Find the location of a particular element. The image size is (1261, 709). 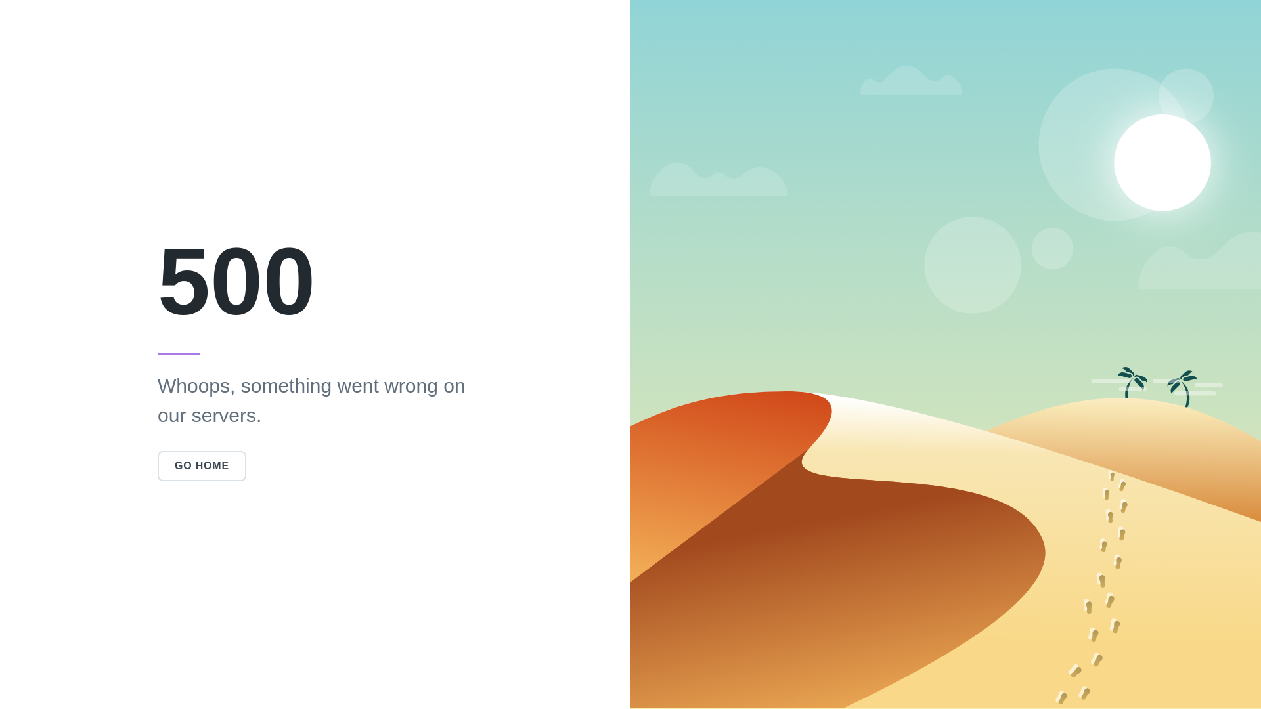

'GO HOME' is located at coordinates (201, 465).